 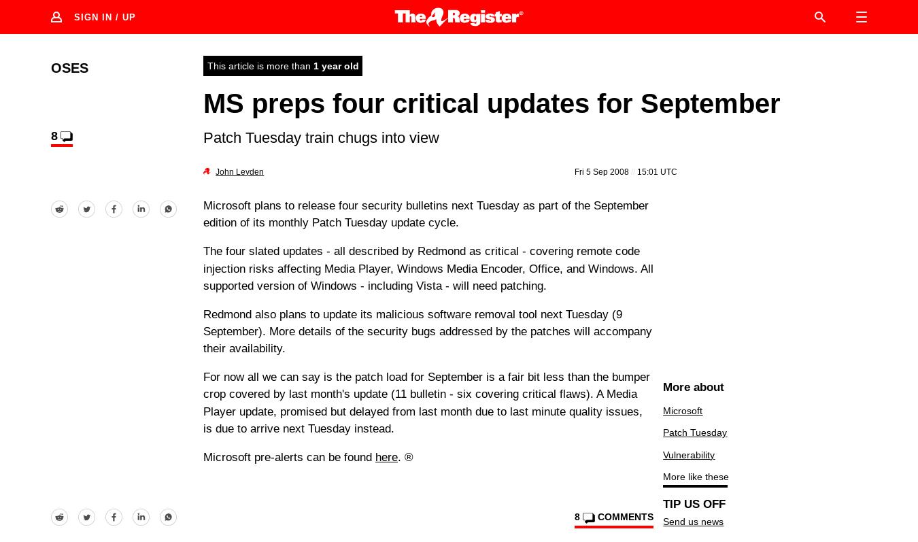 I want to click on 'Patch Tuesday train chugs into view', so click(x=320, y=136).